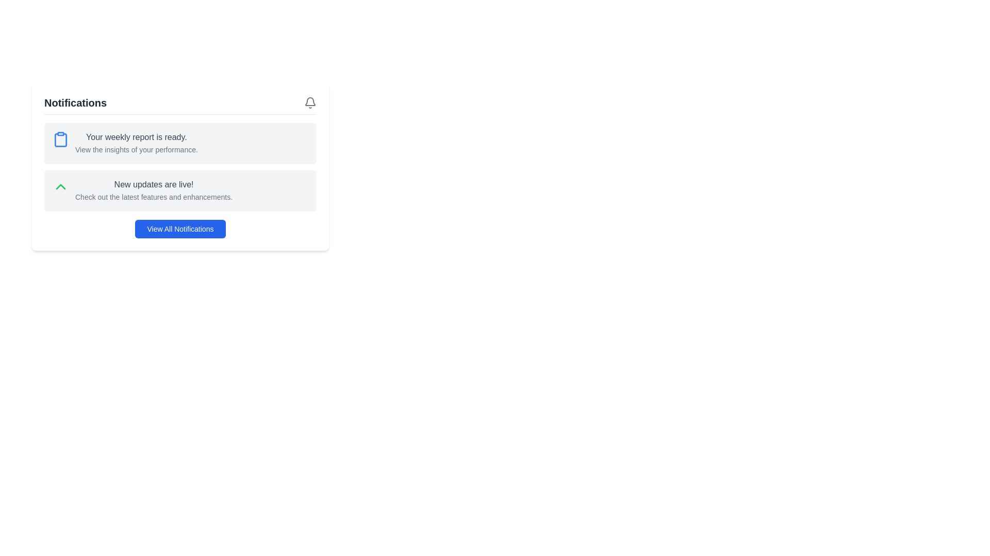 Image resolution: width=990 pixels, height=556 pixels. Describe the element at coordinates (136, 149) in the screenshot. I see `the second line of text in the notification card that encourages the user` at that location.